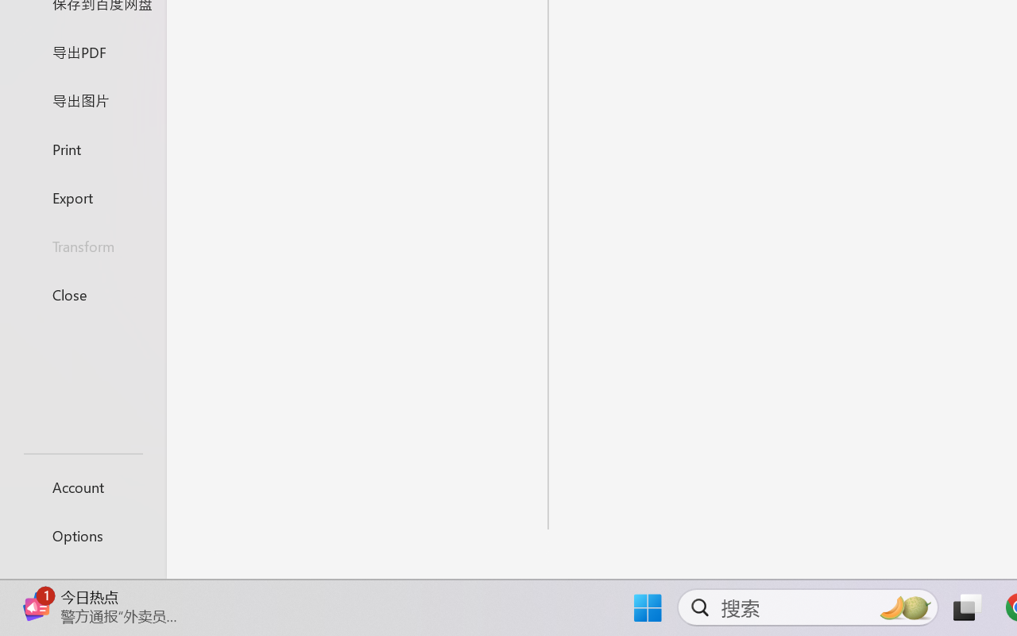 The height and width of the screenshot is (636, 1017). What do you see at coordinates (82, 535) in the screenshot?
I see `'Options'` at bounding box center [82, 535].